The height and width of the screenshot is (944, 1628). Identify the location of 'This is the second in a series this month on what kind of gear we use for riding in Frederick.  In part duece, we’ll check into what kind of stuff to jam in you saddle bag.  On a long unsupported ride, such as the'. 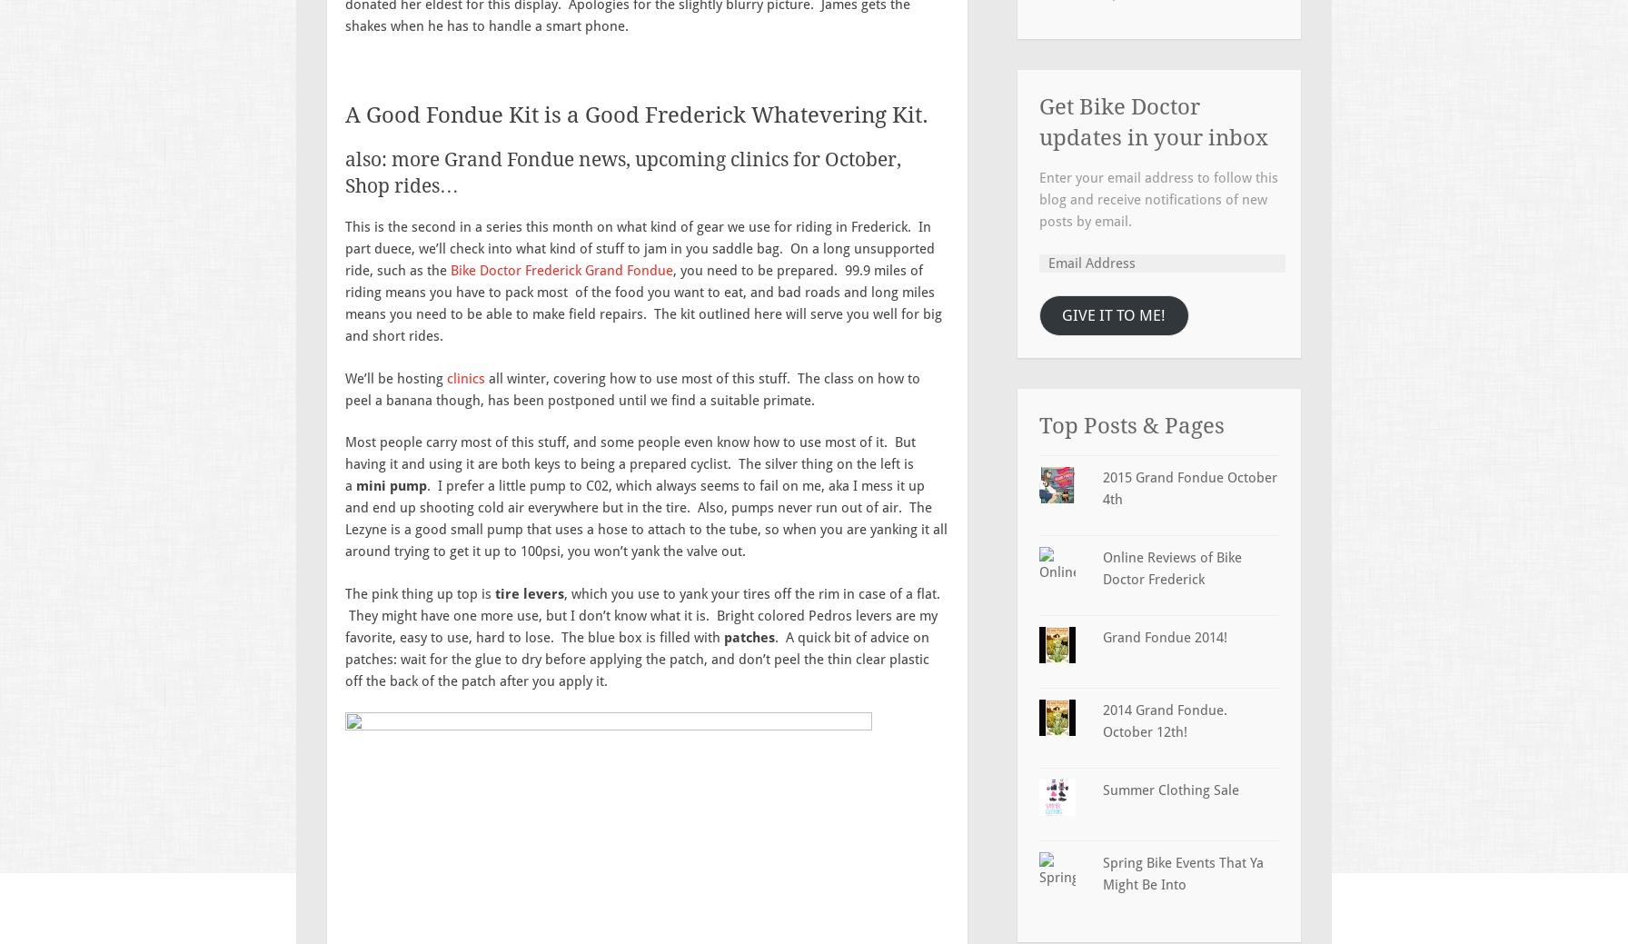
(640, 248).